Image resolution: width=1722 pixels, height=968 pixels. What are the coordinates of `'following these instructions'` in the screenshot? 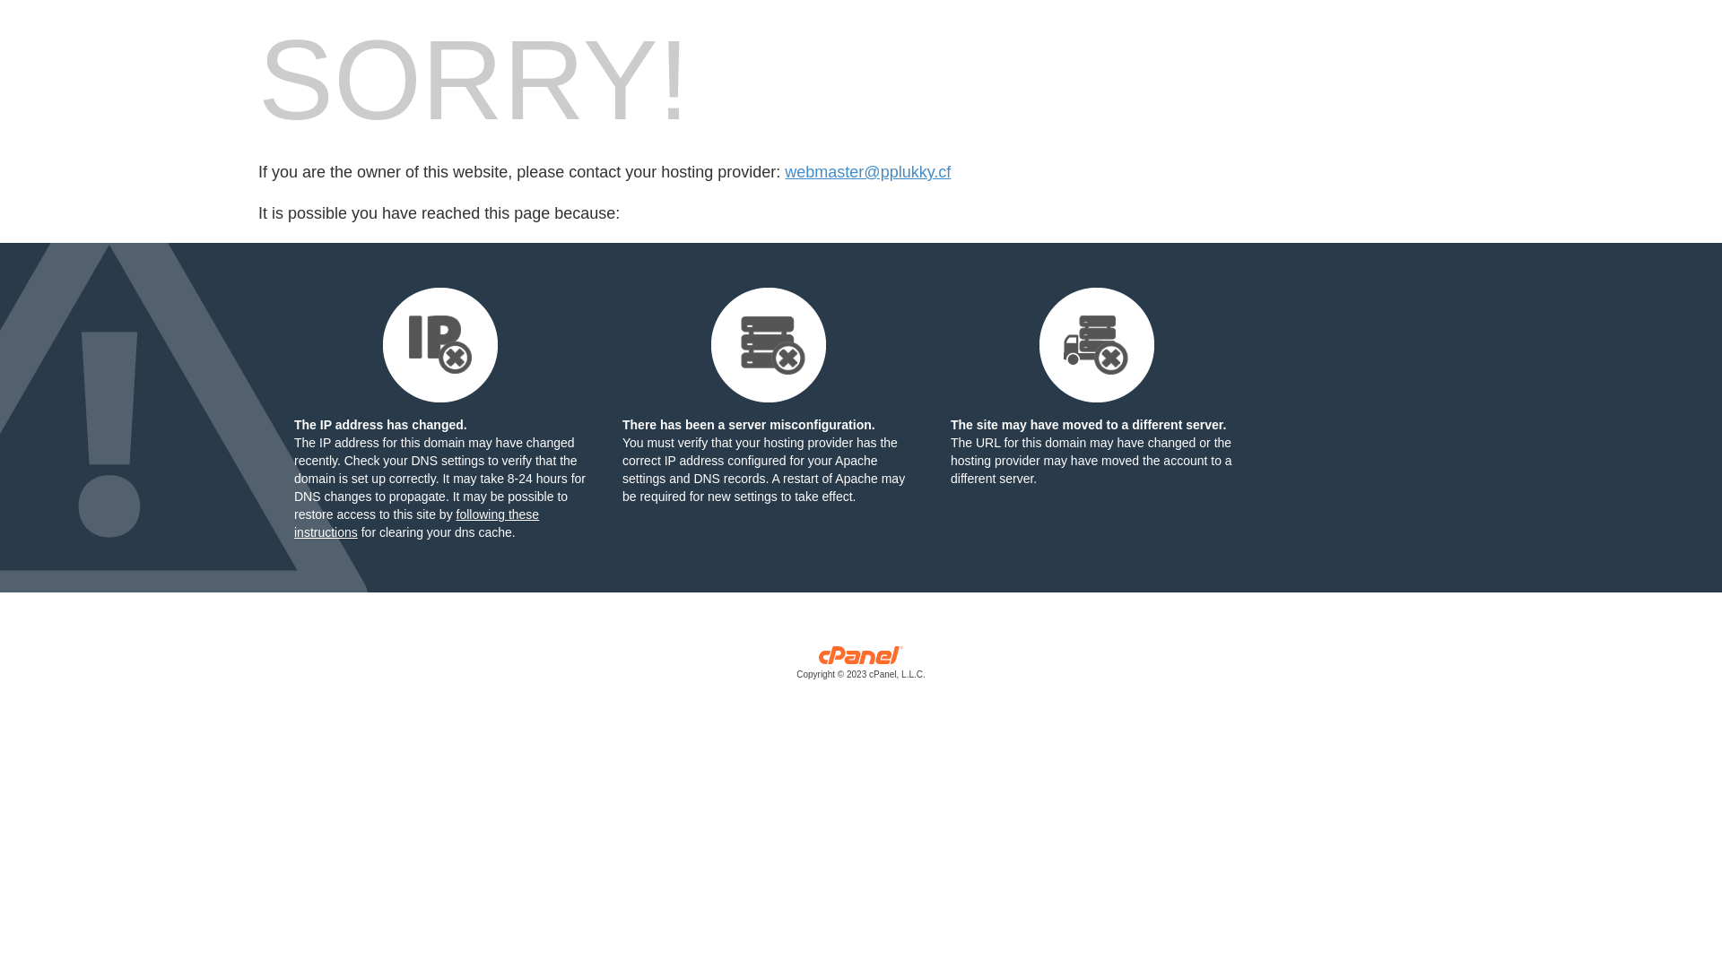 It's located at (415, 523).